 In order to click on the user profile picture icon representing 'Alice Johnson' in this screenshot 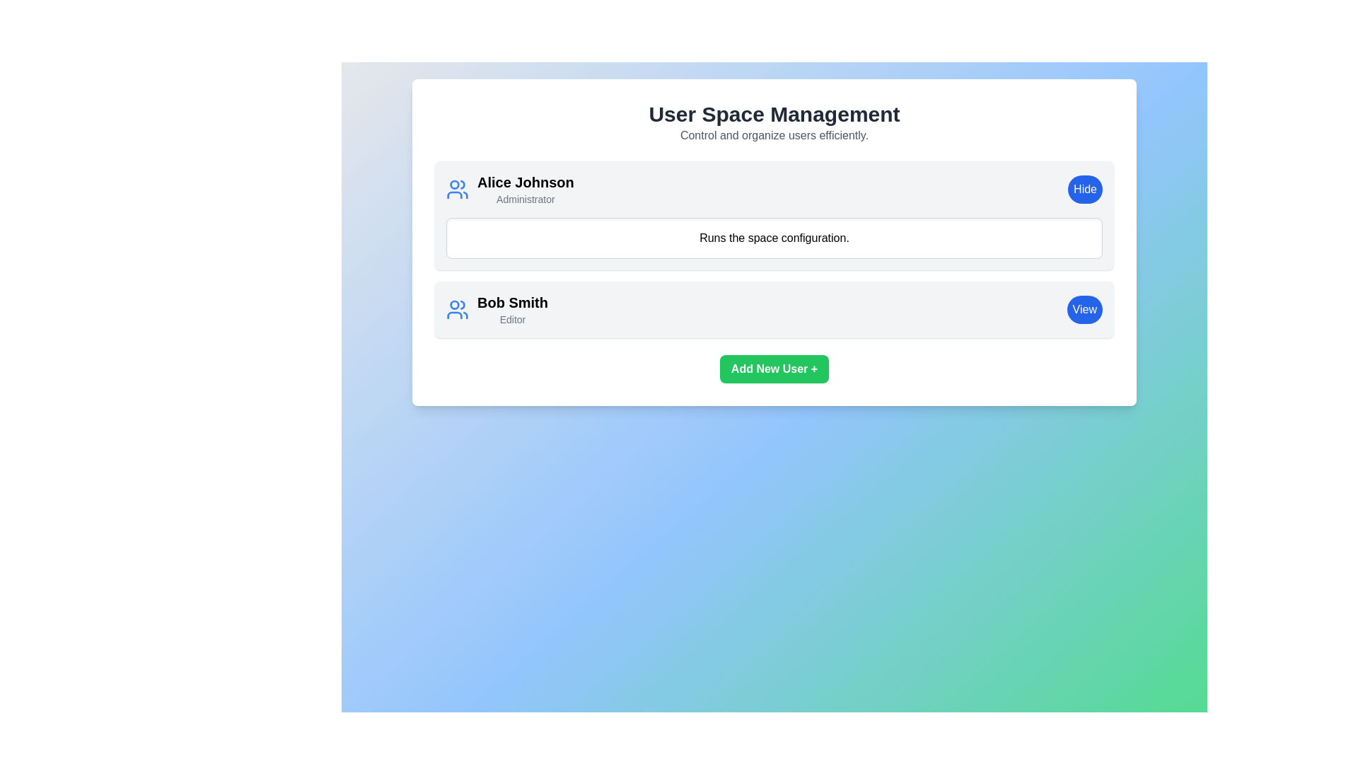, I will do `click(455, 184)`.